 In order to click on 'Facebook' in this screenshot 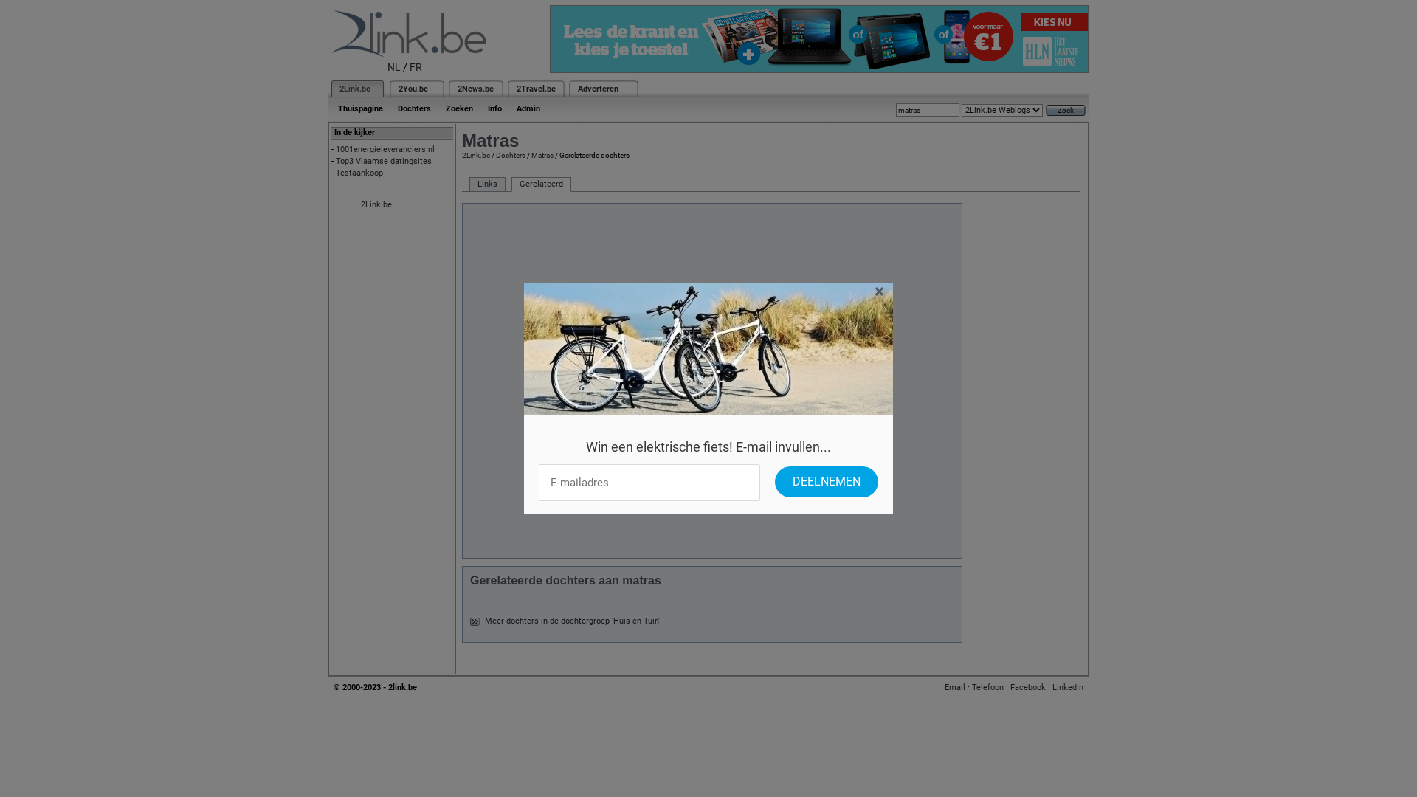, I will do `click(1027, 687)`.